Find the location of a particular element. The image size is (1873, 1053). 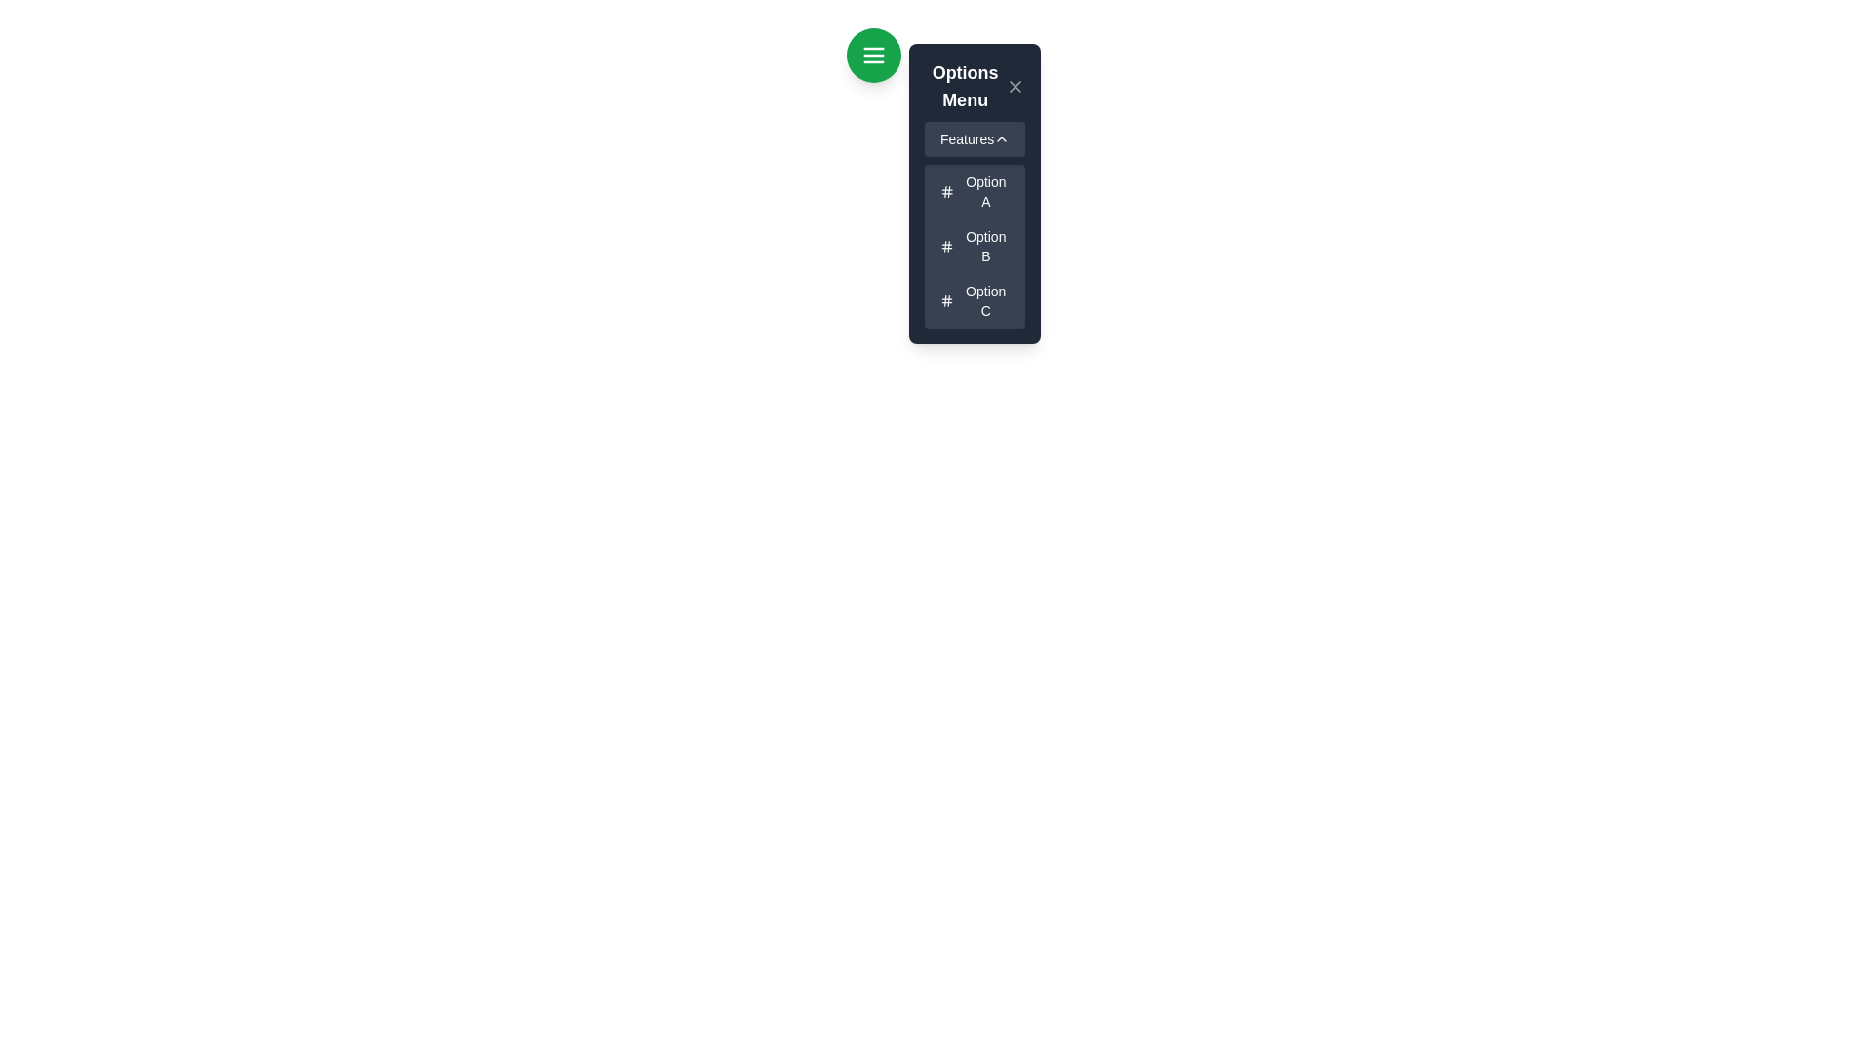

the white menu icon button, which consists of three horizontal lines stacked vertically and is enclosed within a green circular background is located at coordinates (873, 55).